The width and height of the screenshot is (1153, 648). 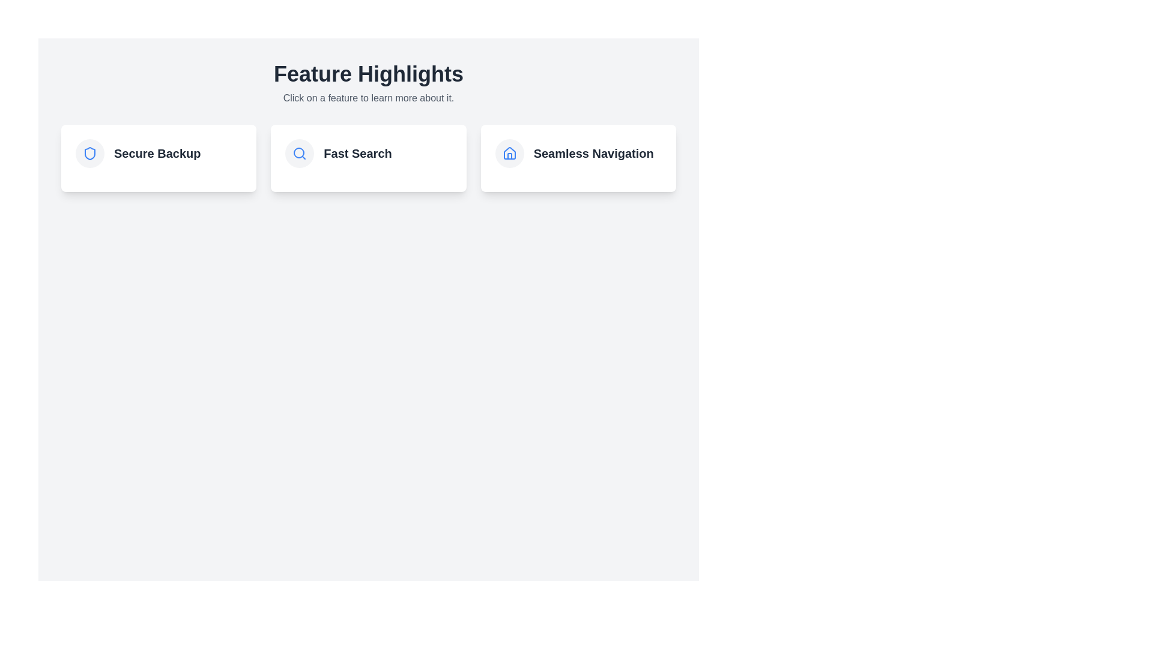 I want to click on the 'Secure Backup' feature card, which is the first card in the horizontal series of three cards under the title 'Feature Highlights', so click(x=158, y=152).